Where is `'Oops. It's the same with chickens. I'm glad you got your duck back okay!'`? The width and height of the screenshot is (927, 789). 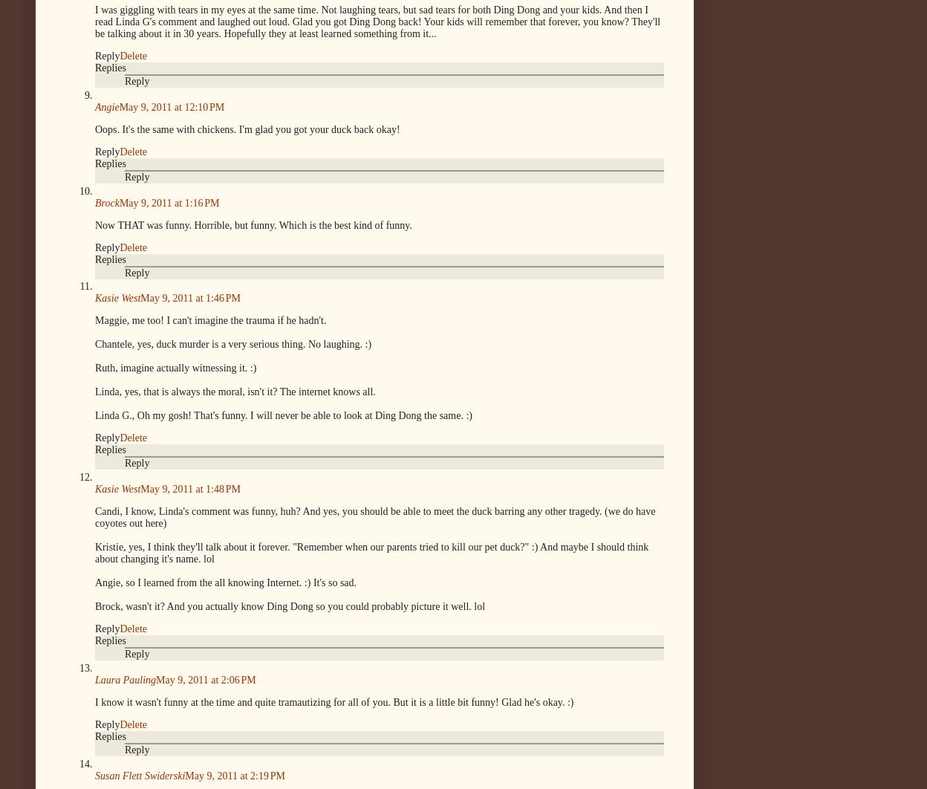 'Oops. It's the same with chickens. I'm glad you got your duck back okay!' is located at coordinates (247, 129).